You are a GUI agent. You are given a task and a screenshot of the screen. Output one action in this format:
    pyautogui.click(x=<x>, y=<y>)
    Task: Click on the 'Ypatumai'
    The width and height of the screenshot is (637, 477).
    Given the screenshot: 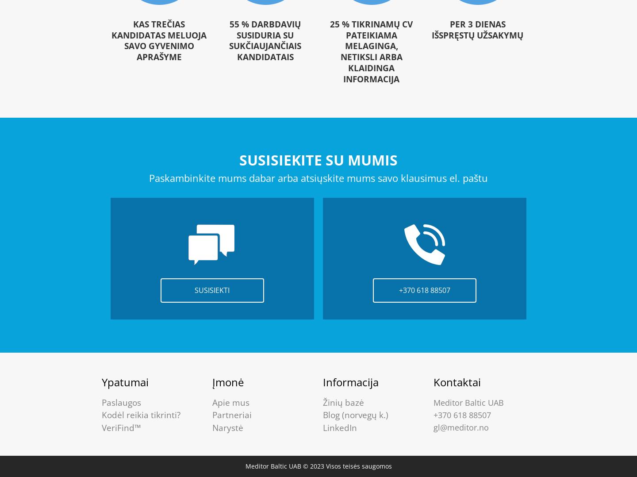 What is the action you would take?
    pyautogui.click(x=124, y=381)
    